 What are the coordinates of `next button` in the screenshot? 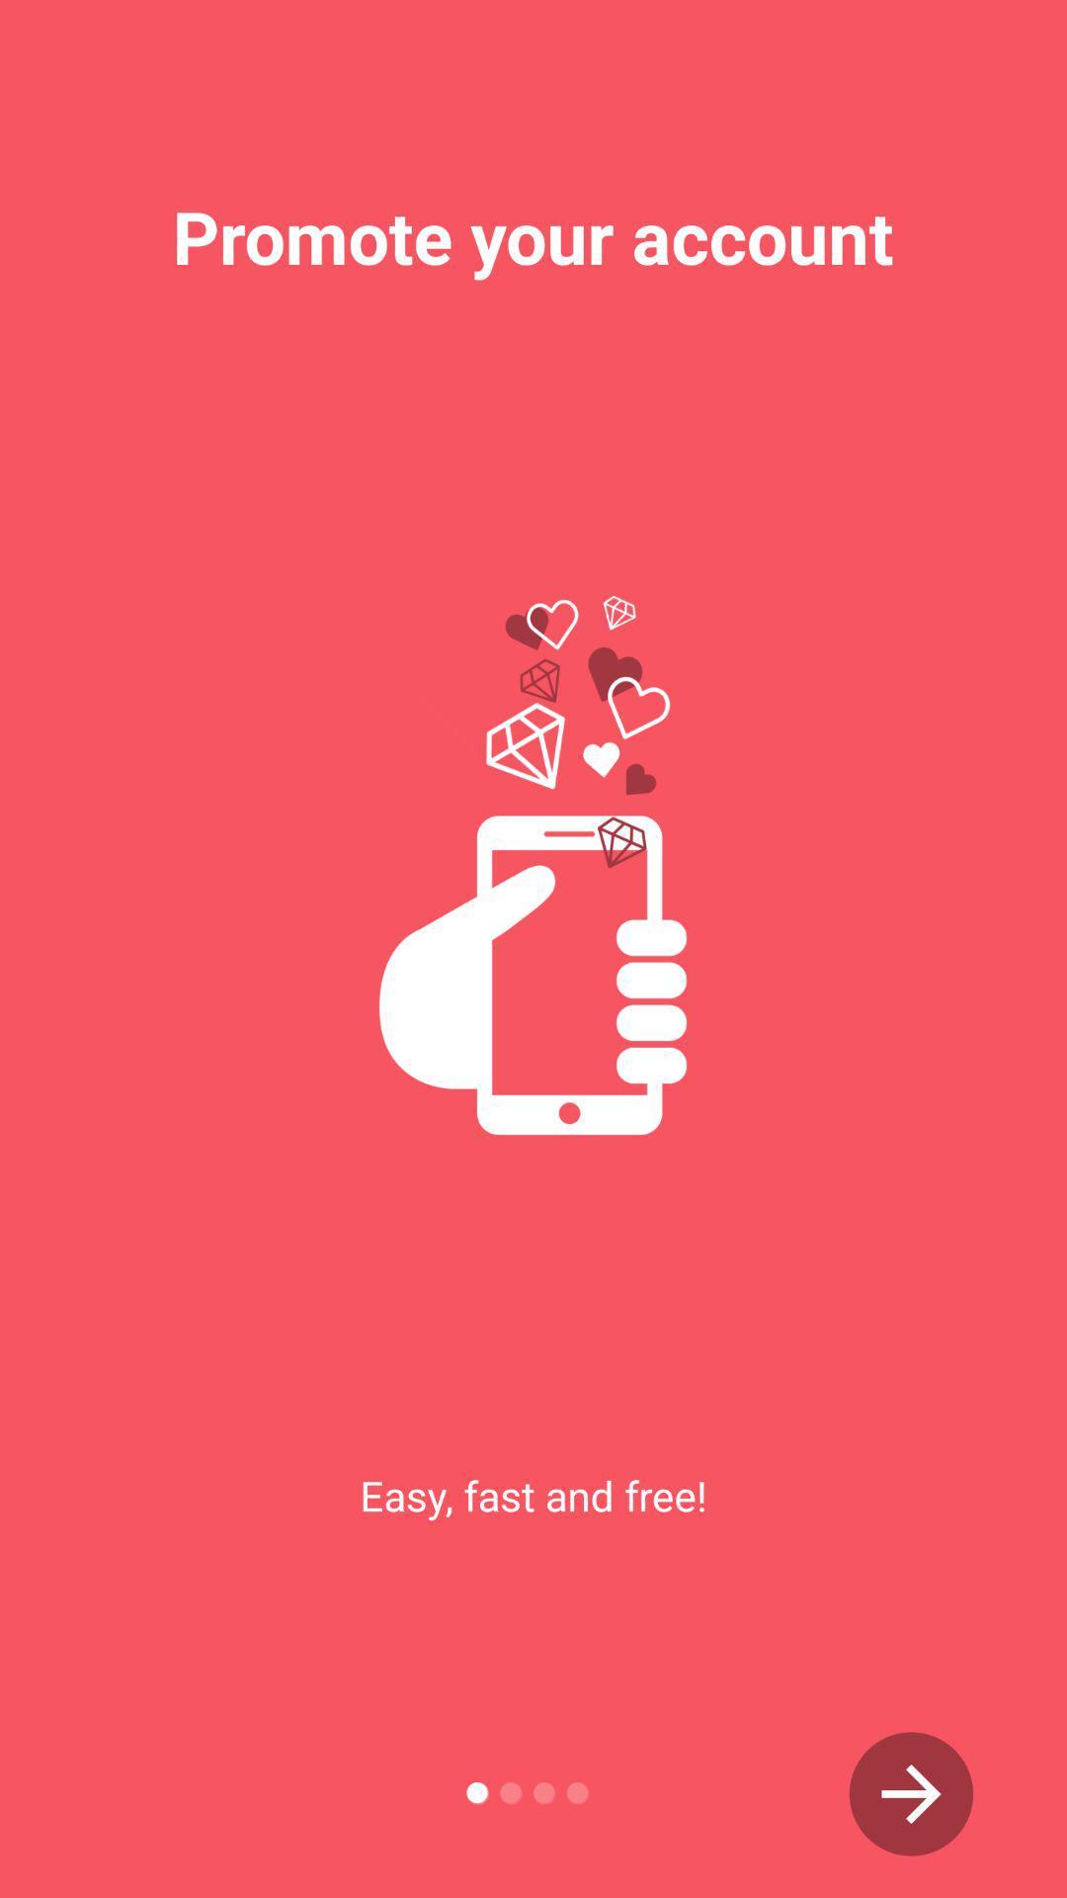 It's located at (911, 1793).